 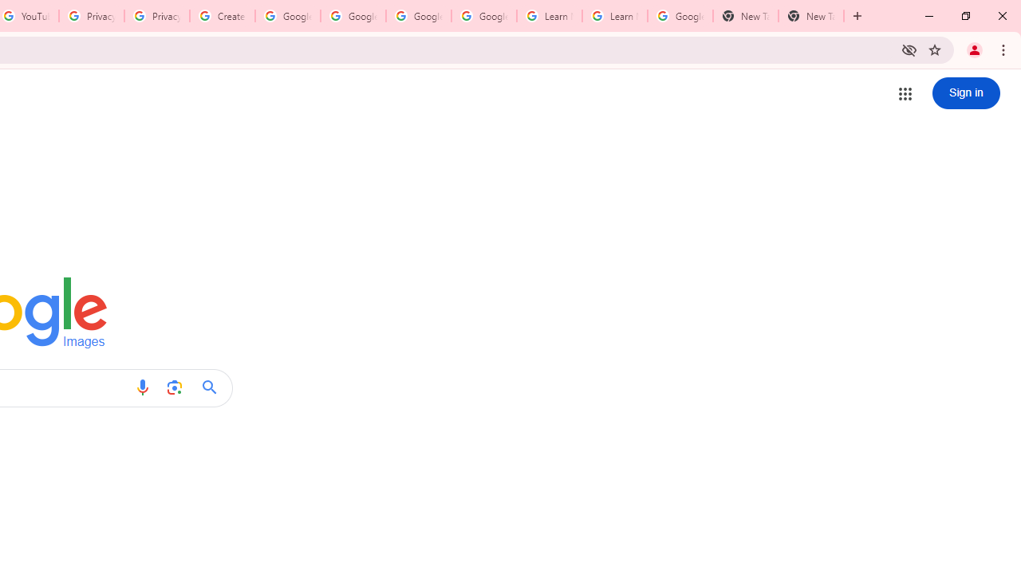 I want to click on 'Google Account Help', so click(x=483, y=16).